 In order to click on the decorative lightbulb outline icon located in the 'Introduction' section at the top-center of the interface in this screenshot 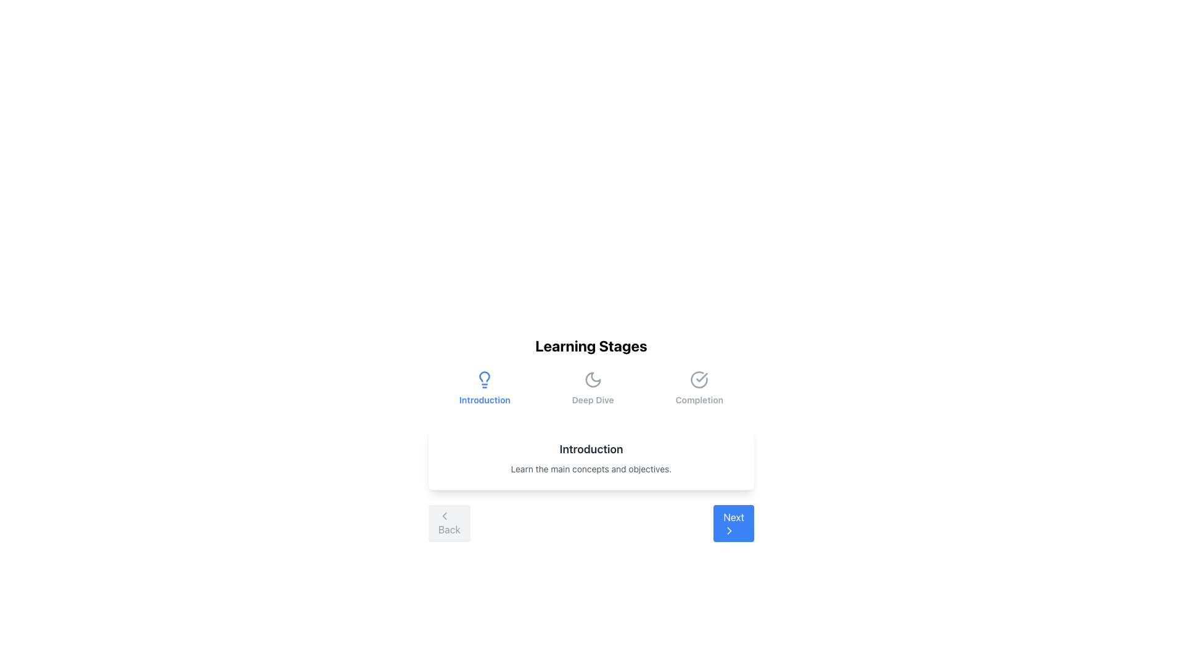, I will do `click(484, 376)`.